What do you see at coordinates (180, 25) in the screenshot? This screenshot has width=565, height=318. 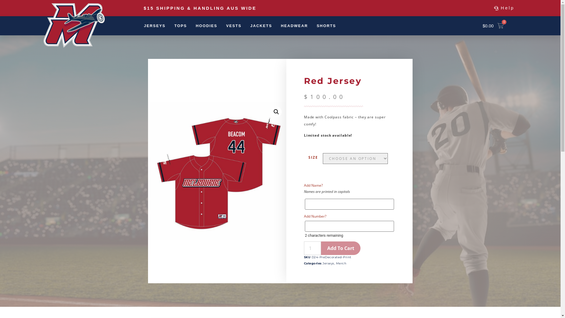 I see `'TOPS'` at bounding box center [180, 25].